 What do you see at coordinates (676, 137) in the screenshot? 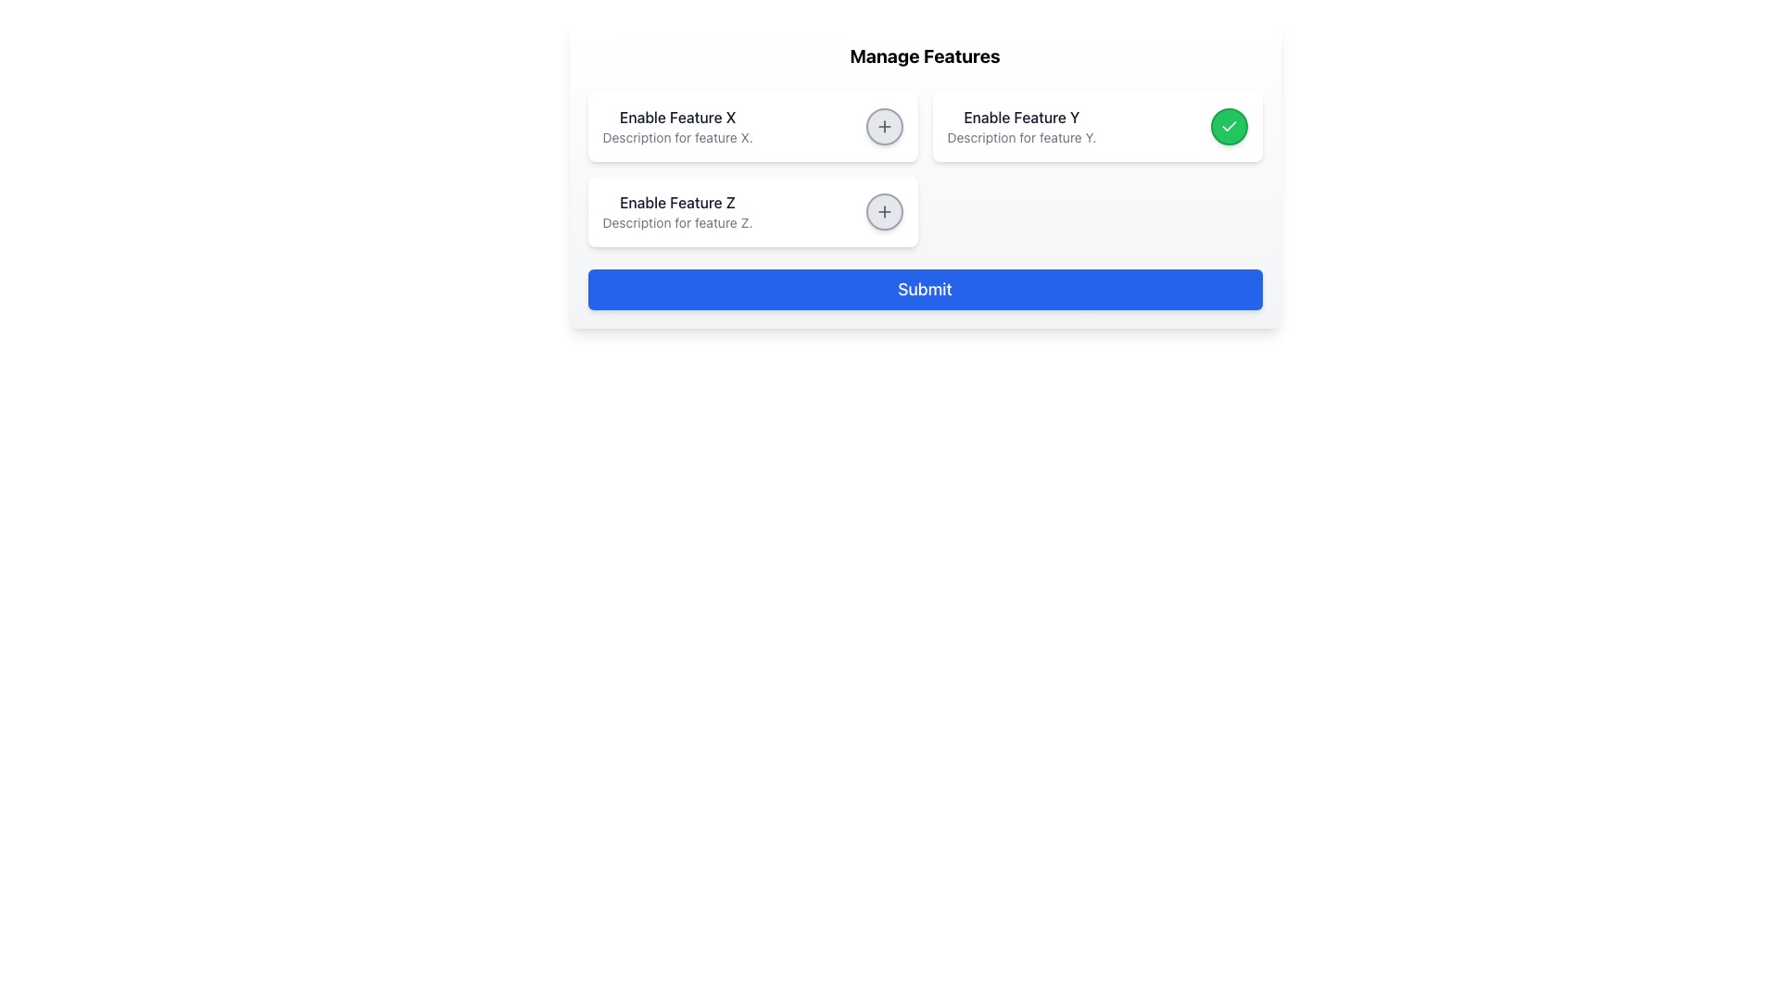
I see `the text label that reads 'Description for feature X.', which is styled in small, gray, serif-like font located under the heading 'Enable Feature X'` at bounding box center [676, 137].